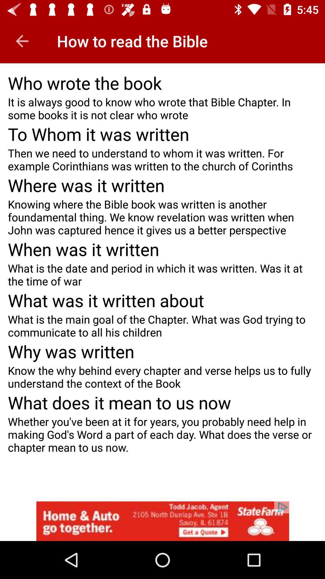 The height and width of the screenshot is (579, 325). What do you see at coordinates (22, 41) in the screenshot?
I see `go back` at bounding box center [22, 41].